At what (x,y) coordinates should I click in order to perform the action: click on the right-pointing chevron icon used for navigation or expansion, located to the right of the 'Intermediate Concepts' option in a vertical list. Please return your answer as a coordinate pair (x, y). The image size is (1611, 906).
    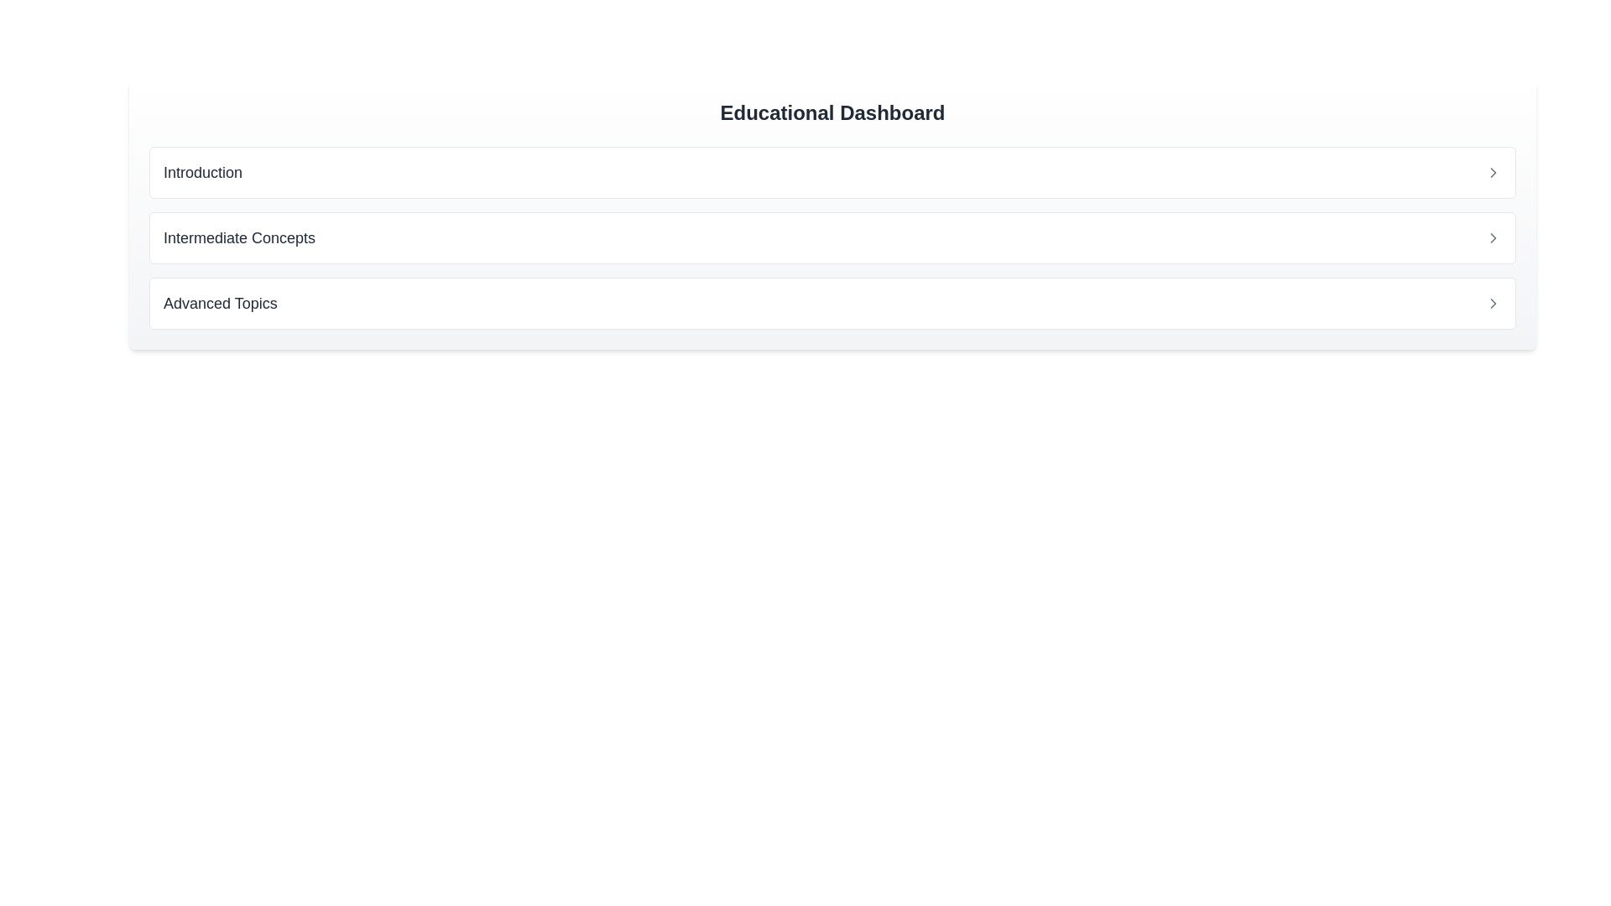
    Looking at the image, I should click on (1494, 238).